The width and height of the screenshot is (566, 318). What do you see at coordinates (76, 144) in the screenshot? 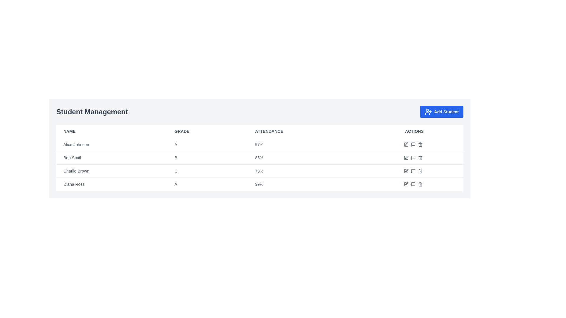
I see `the Text Display element that shows a person's name in the first row of the table under the 'Name' column` at bounding box center [76, 144].